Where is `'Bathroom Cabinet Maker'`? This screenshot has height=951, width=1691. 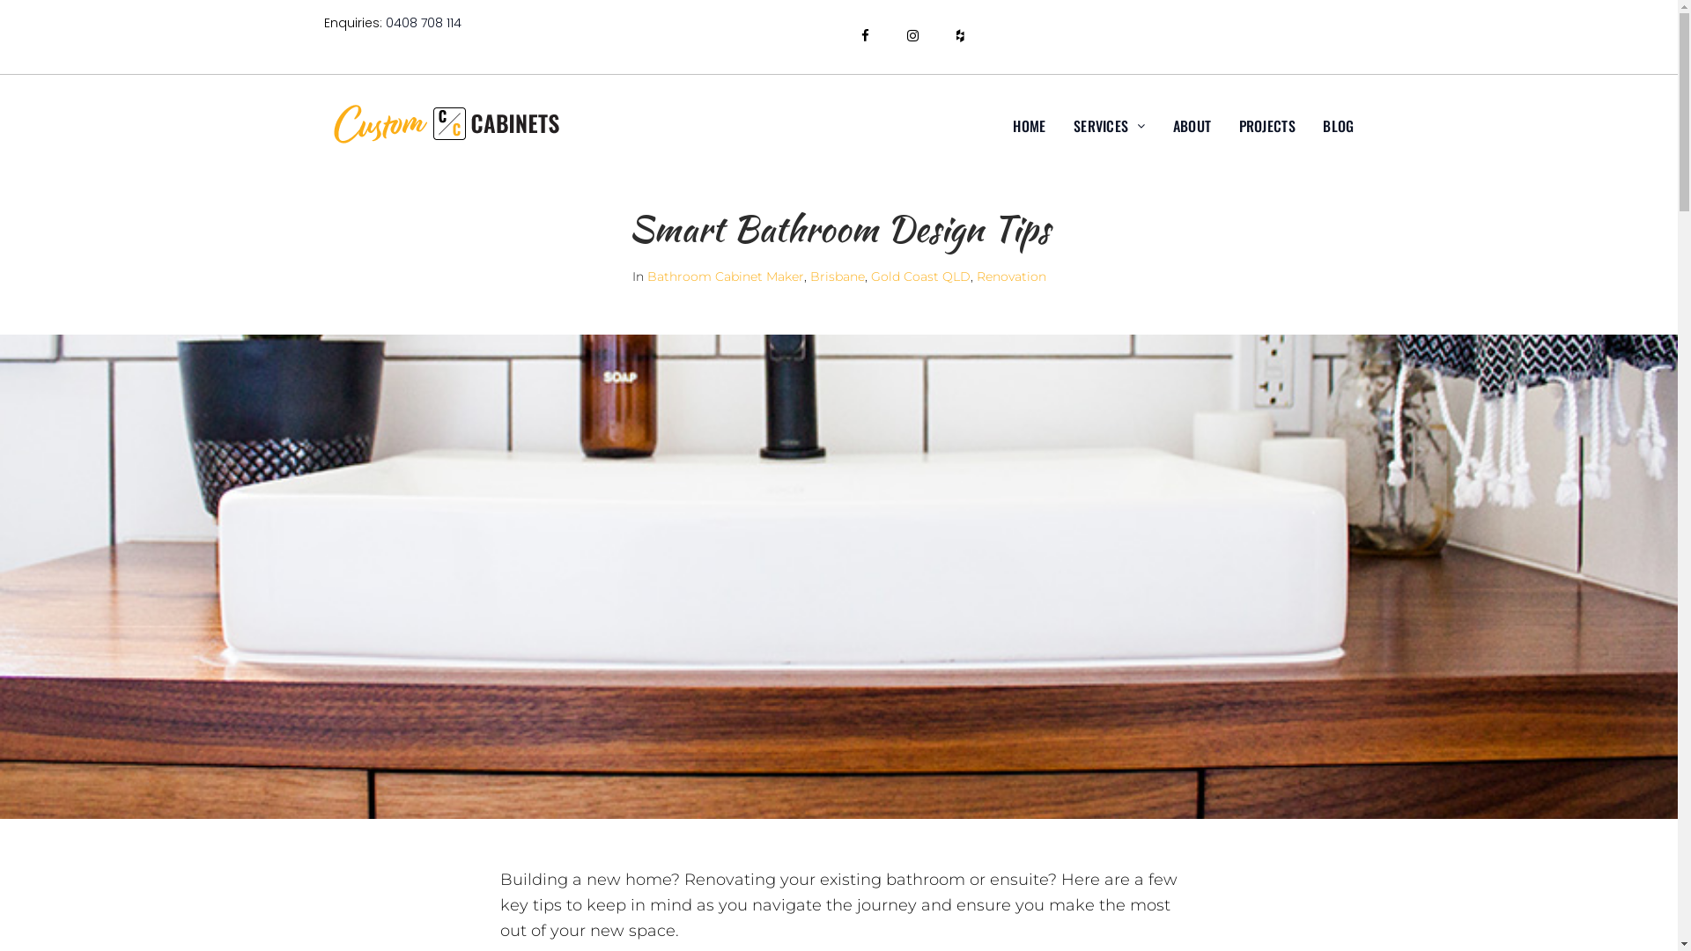 'Bathroom Cabinet Maker' is located at coordinates (724, 276).